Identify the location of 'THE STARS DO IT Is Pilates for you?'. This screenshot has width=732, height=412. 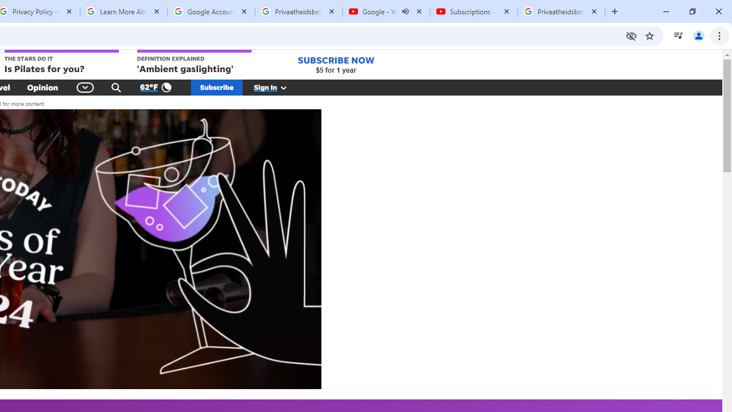
(60, 62).